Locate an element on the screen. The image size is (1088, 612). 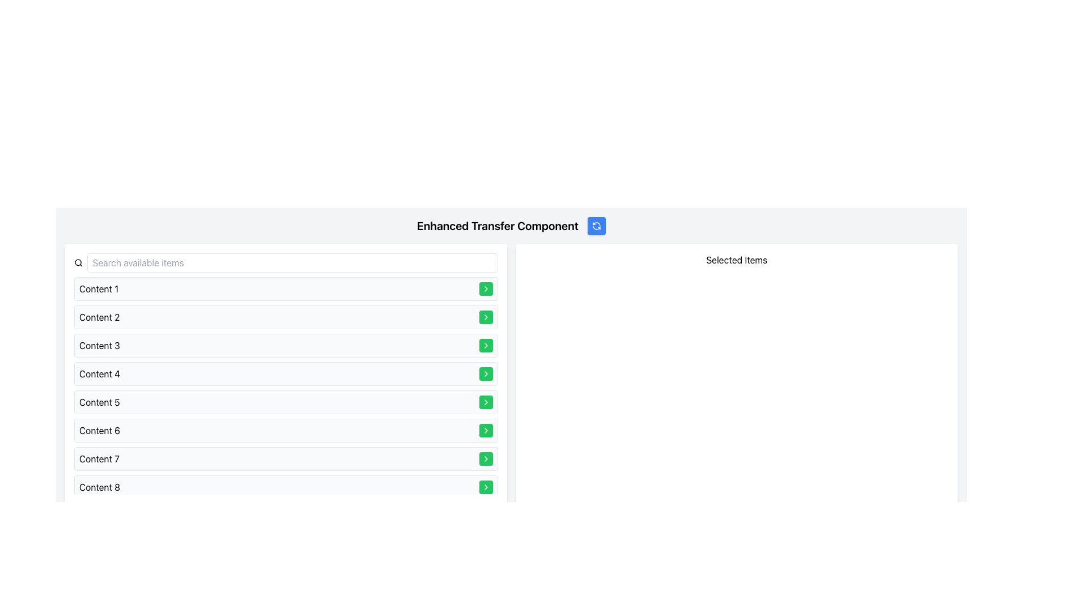
the select button in the second row of the list located in the left section of the interface is located at coordinates (486, 317).